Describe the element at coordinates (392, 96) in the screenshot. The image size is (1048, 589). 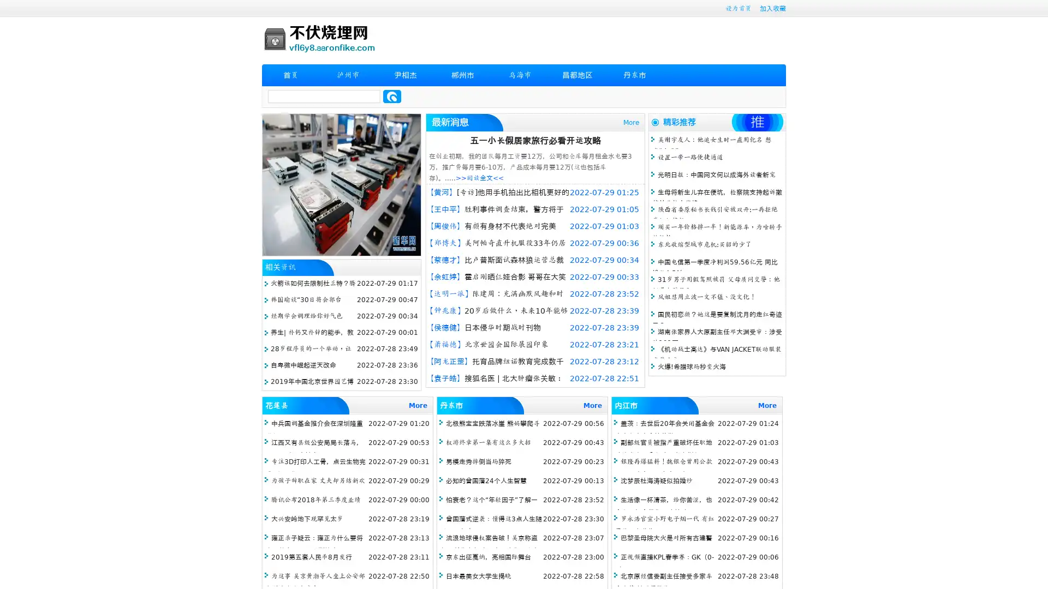
I see `Search` at that location.